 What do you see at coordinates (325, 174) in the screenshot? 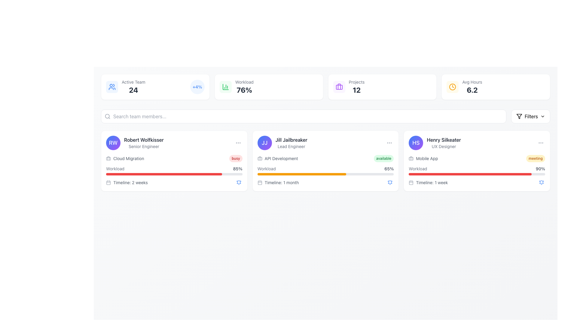
I see `the horizontal progress bar with a light-gray background and amber filled portion located in the workload section of the middle card titled 'Jill Jailbreaker'` at bounding box center [325, 174].